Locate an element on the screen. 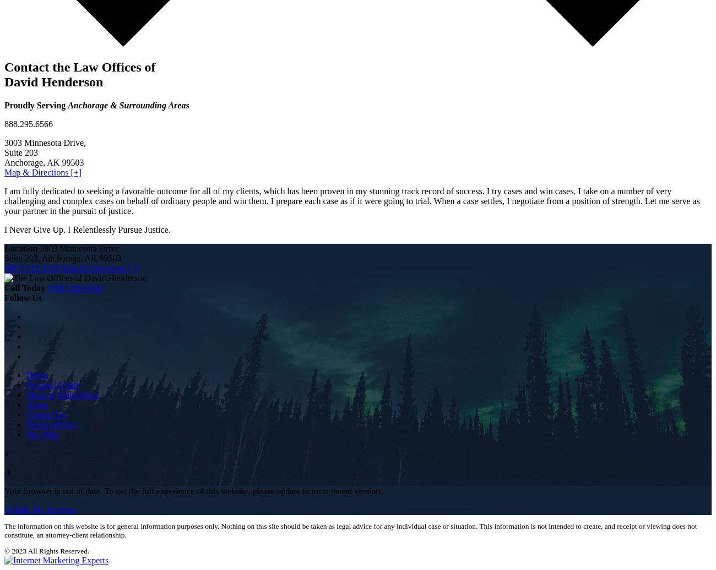  ',' is located at coordinates (82, 257).